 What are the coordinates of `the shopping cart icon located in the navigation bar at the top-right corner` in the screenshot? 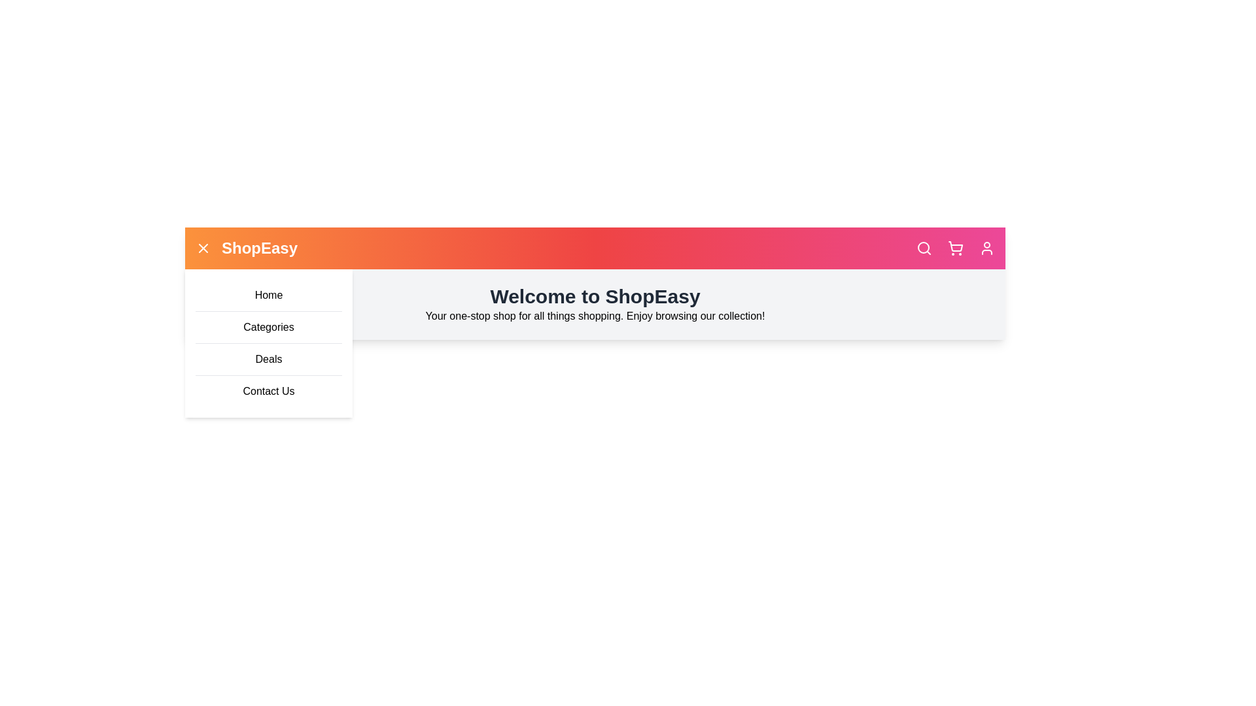 It's located at (955, 248).